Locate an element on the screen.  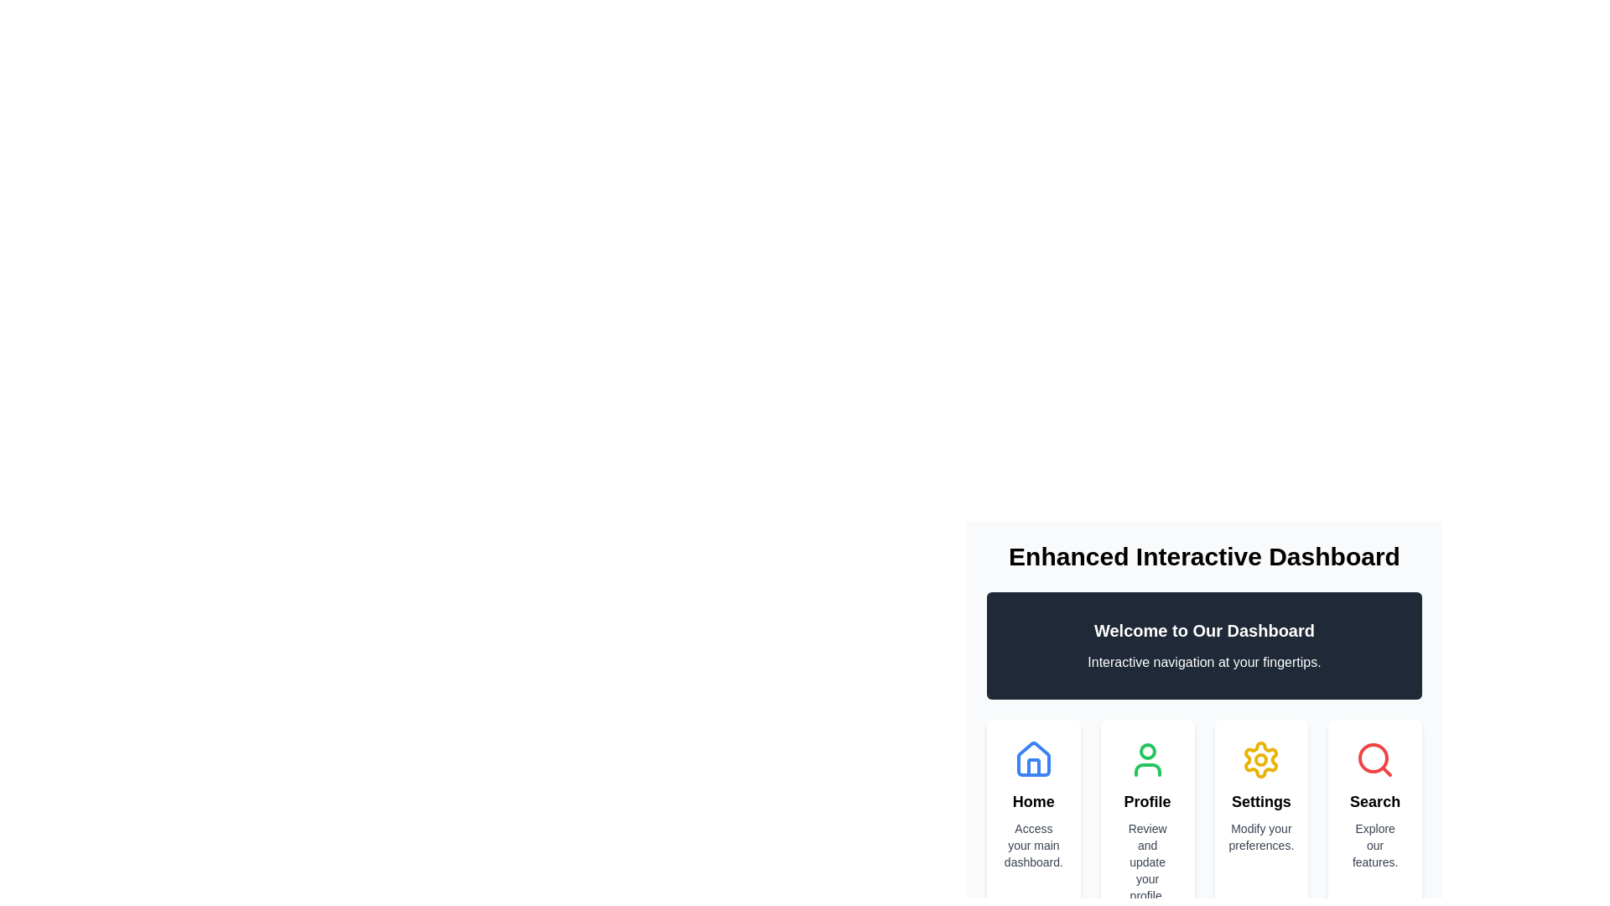
the 'Settings' card in the Enhanced Interactive Dashboard is located at coordinates (1203, 700).